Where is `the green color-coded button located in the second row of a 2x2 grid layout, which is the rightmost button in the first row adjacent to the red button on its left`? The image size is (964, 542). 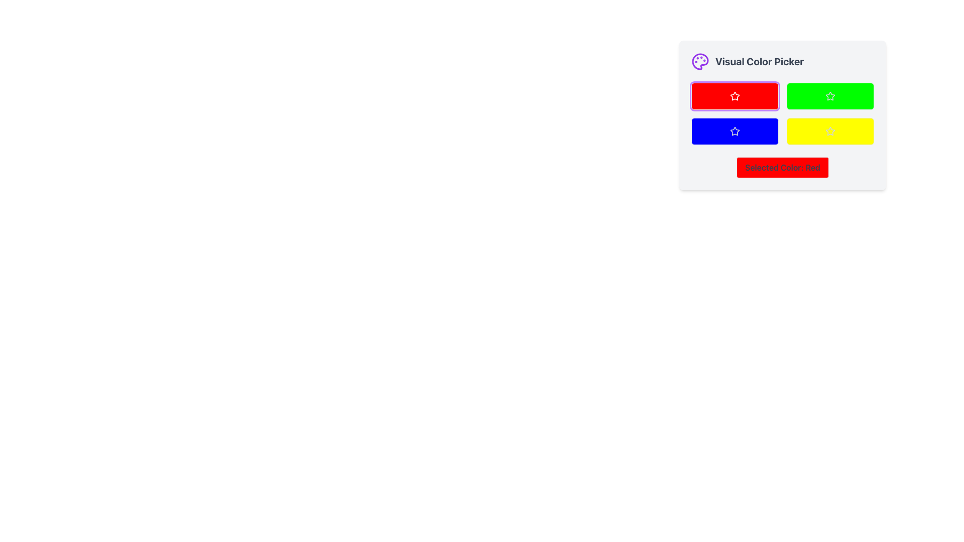
the green color-coded button located in the second row of a 2x2 grid layout, which is the rightmost button in the first row adjacent to the red button on its left is located at coordinates (830, 96).